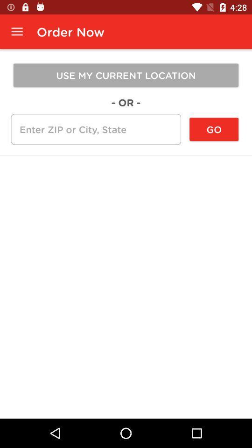  What do you see at coordinates (95, 129) in the screenshot?
I see `item to the left of the go` at bounding box center [95, 129].